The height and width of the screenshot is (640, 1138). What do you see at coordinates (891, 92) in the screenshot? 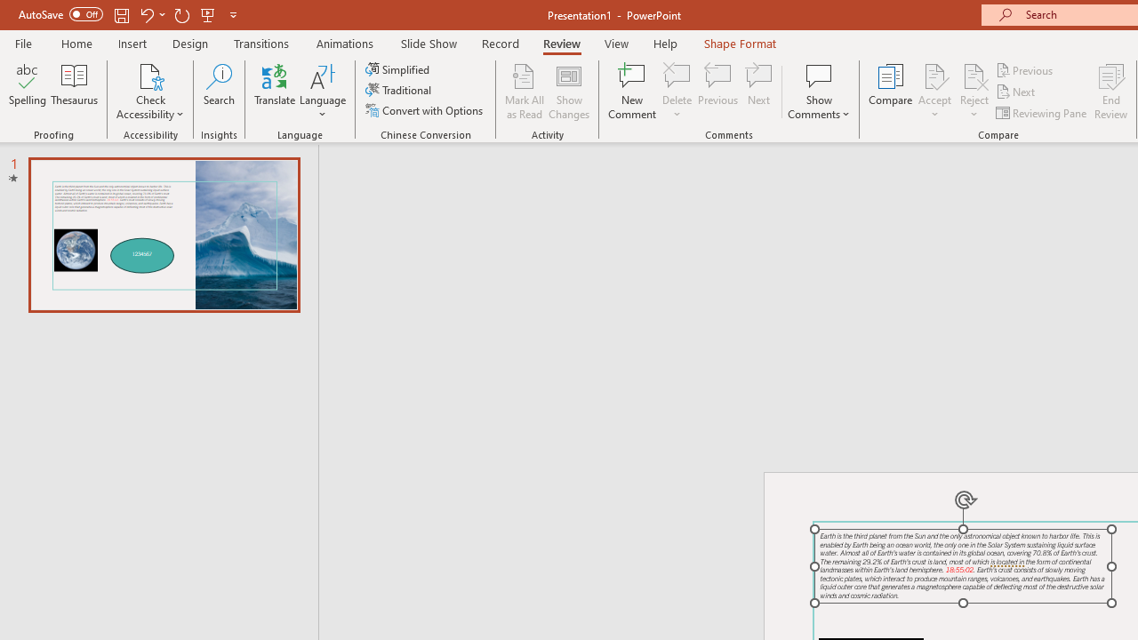
I see `'Compare'` at bounding box center [891, 92].